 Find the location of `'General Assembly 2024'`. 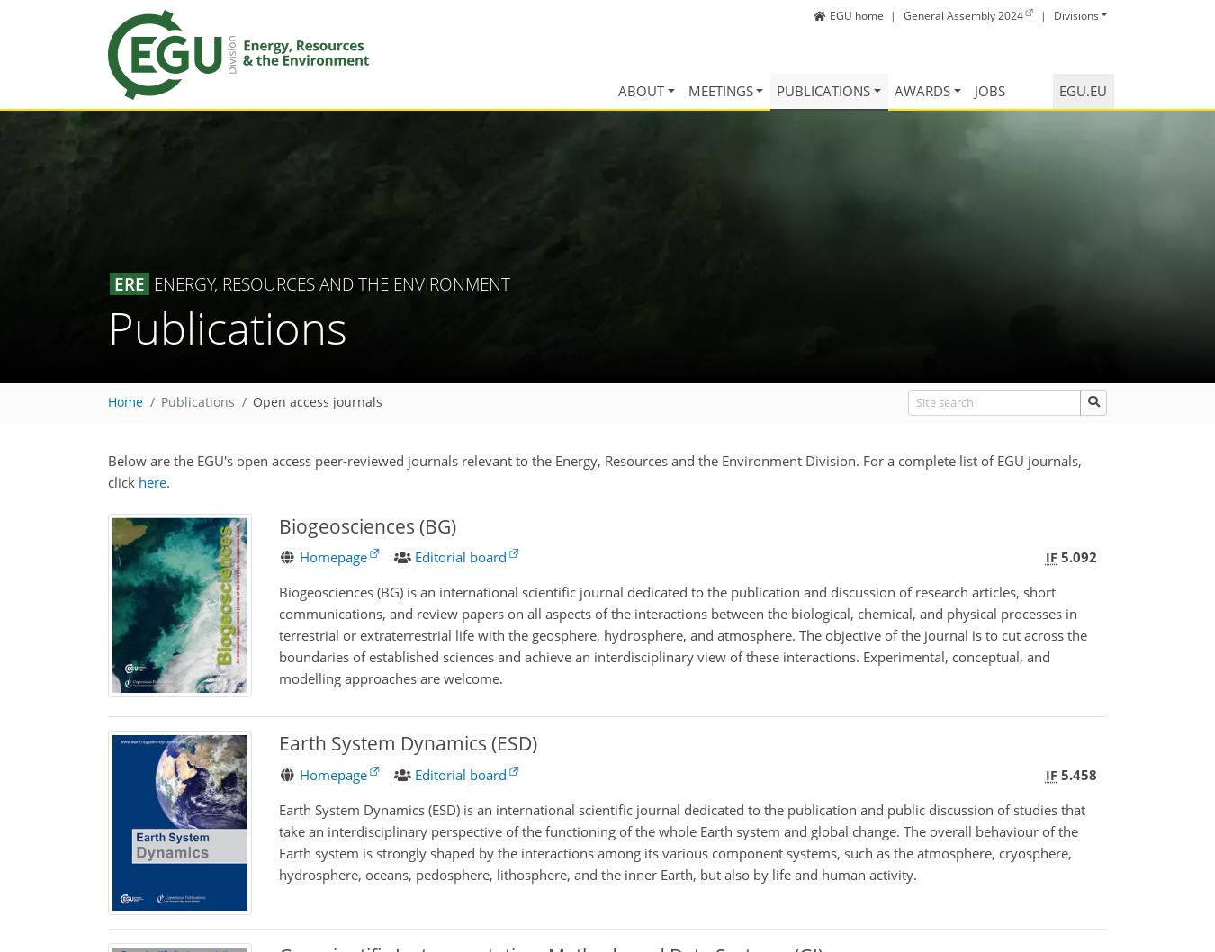

'General Assembly 2024' is located at coordinates (902, 14).